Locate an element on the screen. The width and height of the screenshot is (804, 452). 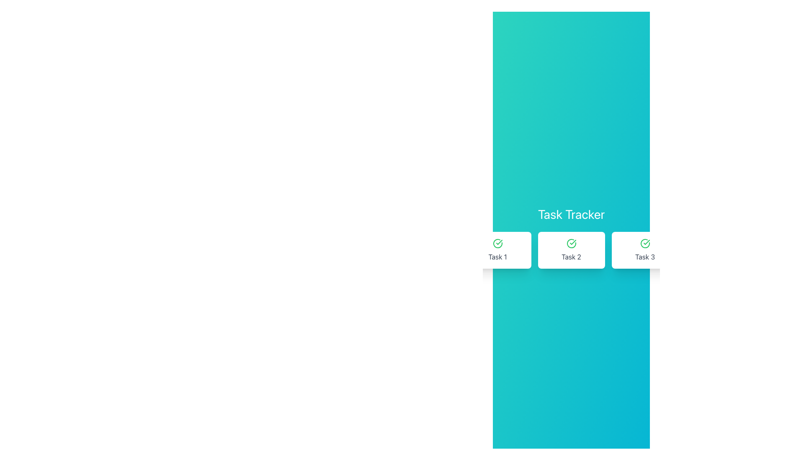
text component displaying 'Task 2', which is located at the center bottom of a white card with rounded corners is located at coordinates (571, 256).